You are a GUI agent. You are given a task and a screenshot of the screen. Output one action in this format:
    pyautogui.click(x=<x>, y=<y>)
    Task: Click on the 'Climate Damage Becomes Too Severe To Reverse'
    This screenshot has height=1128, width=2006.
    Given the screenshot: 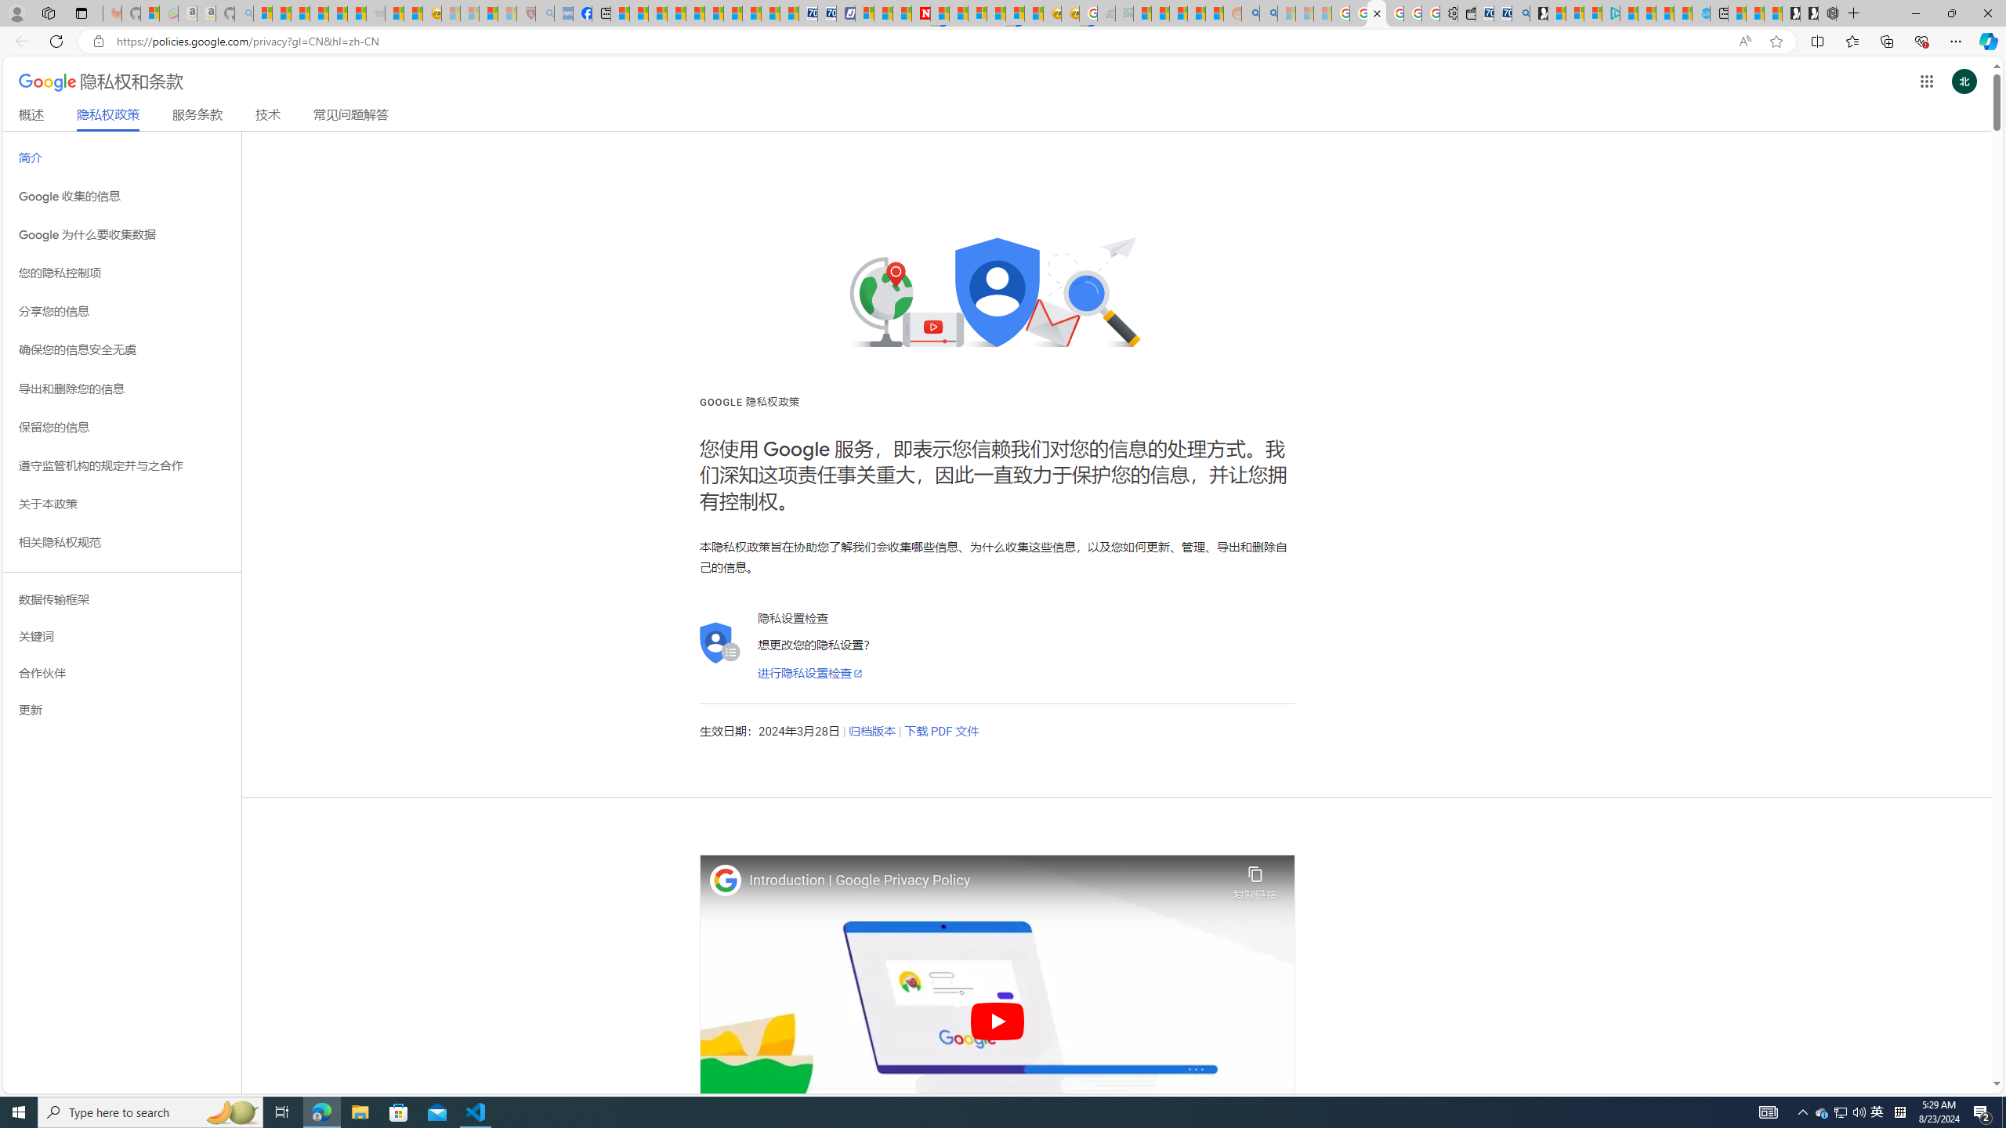 What is the action you would take?
    pyautogui.click(x=675, y=13)
    